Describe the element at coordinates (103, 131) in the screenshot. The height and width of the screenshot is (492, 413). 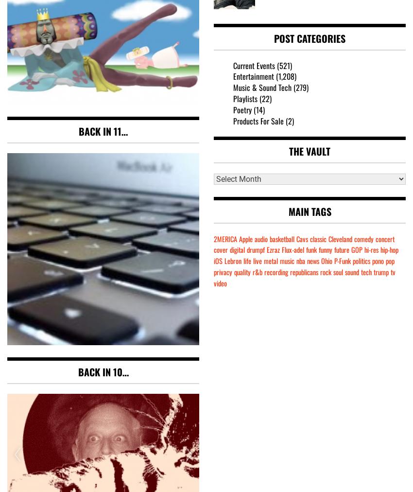
I see `'Back in 11…'` at that location.